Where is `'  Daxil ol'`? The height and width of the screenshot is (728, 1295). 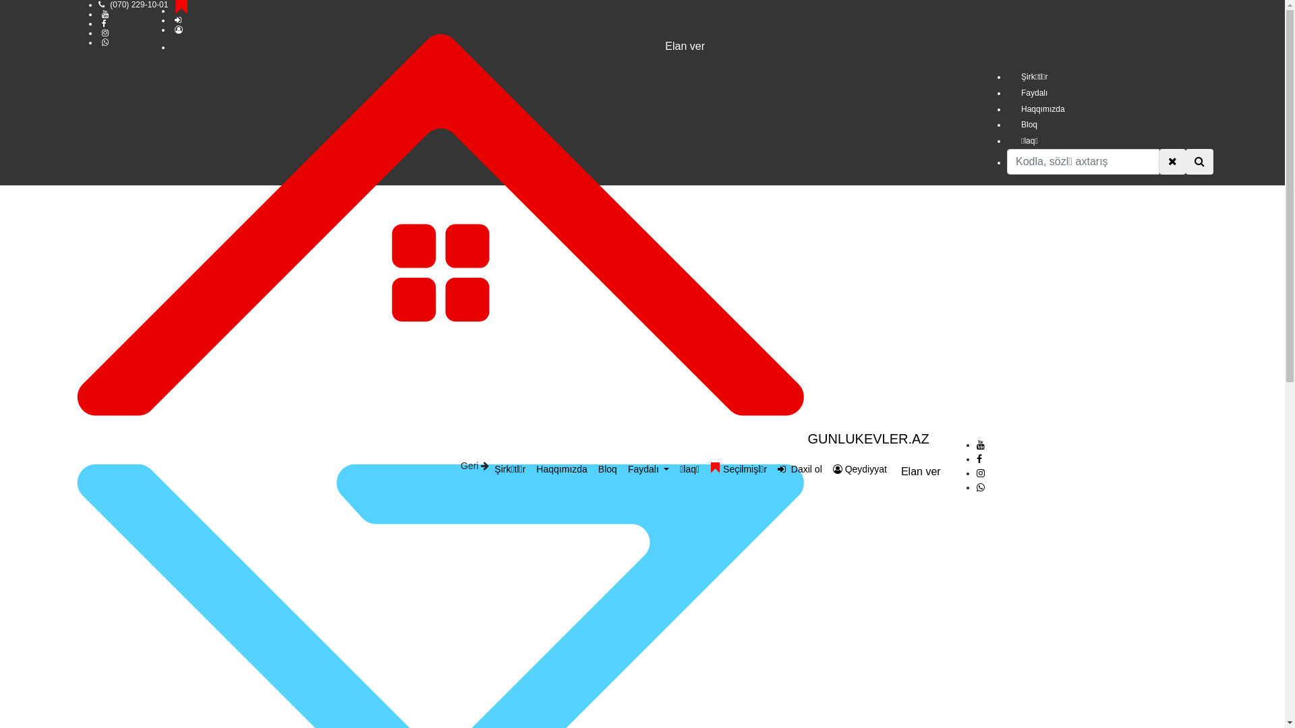 '  Daxil ol' is located at coordinates (772, 468).